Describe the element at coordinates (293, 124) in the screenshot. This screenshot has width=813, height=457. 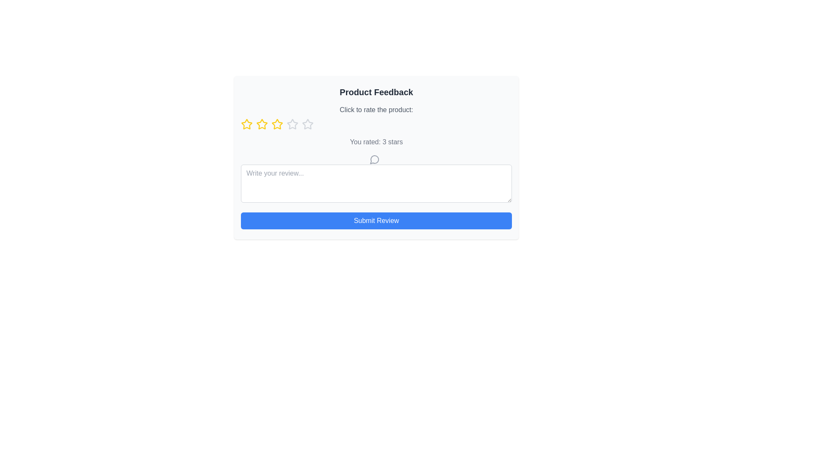
I see `the fourth star icon in the rating interface` at that location.